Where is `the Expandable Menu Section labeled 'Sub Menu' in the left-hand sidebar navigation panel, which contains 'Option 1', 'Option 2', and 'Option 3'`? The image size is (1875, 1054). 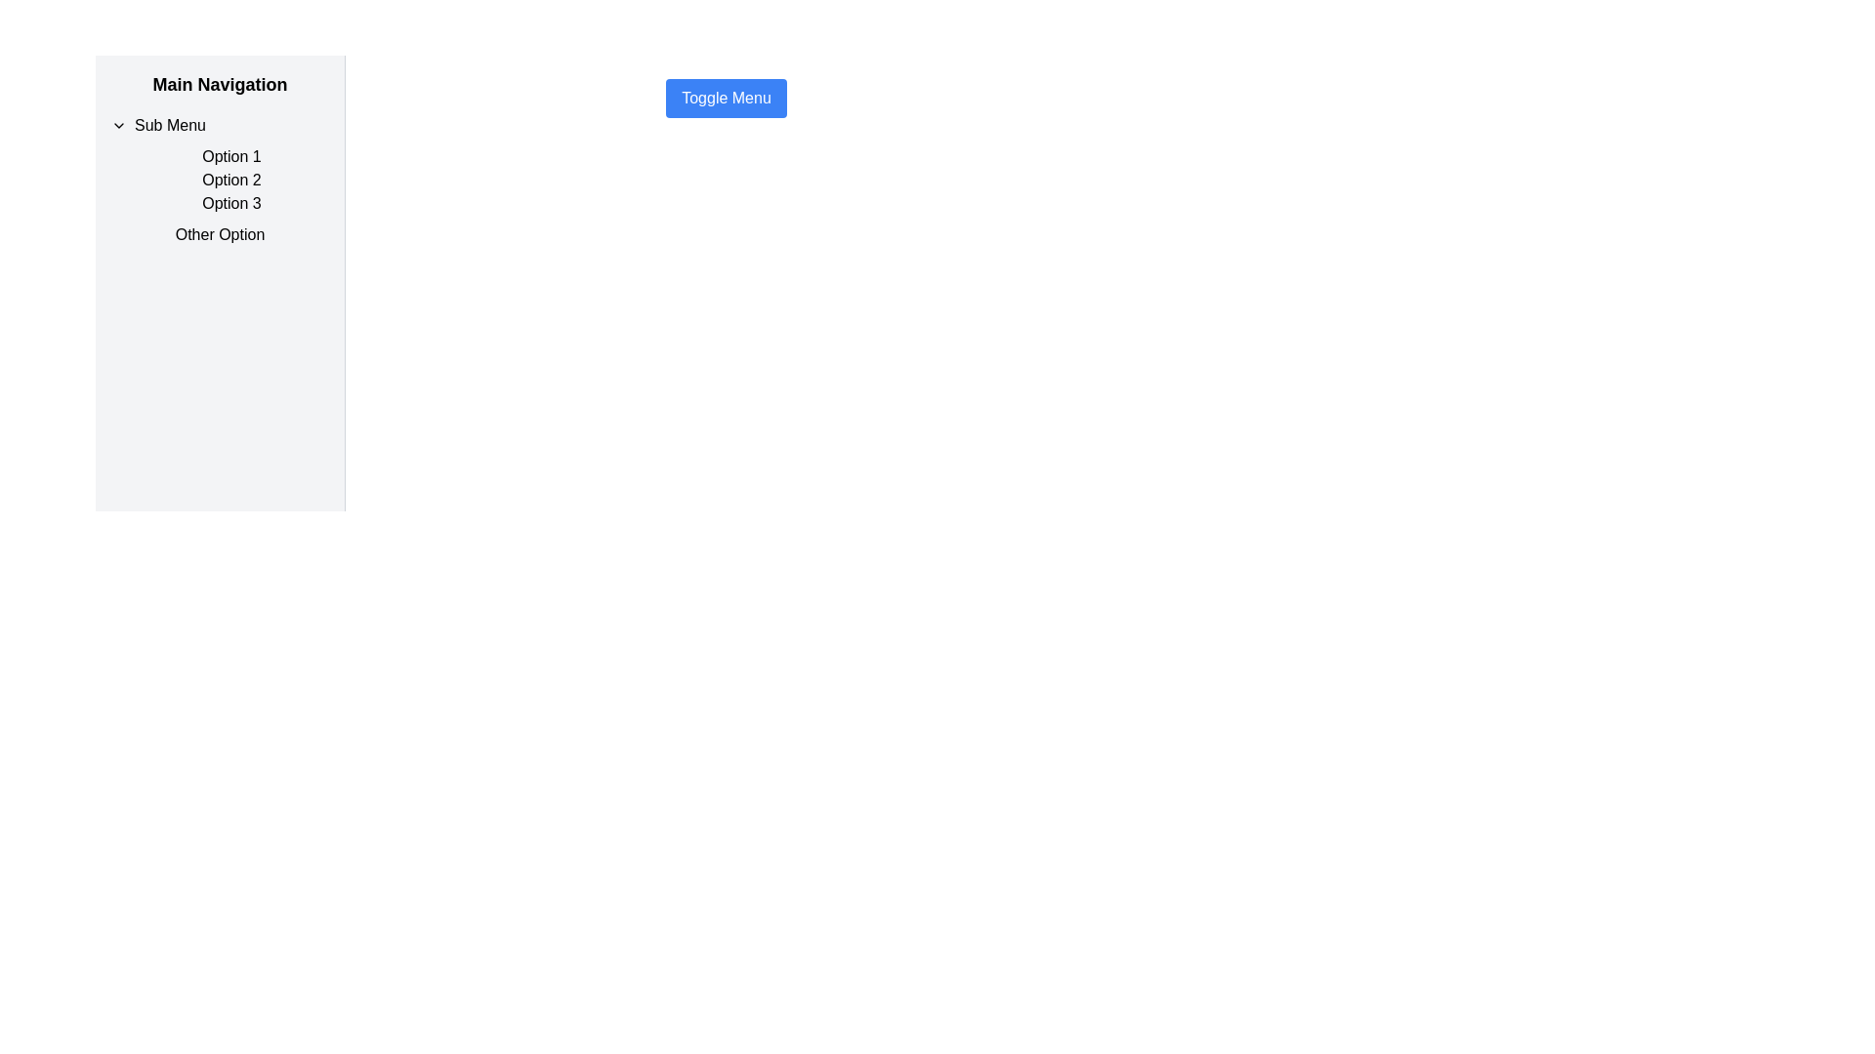 the Expandable Menu Section labeled 'Sub Menu' in the left-hand sidebar navigation panel, which contains 'Option 1', 'Option 2', and 'Option 3' is located at coordinates (220, 164).